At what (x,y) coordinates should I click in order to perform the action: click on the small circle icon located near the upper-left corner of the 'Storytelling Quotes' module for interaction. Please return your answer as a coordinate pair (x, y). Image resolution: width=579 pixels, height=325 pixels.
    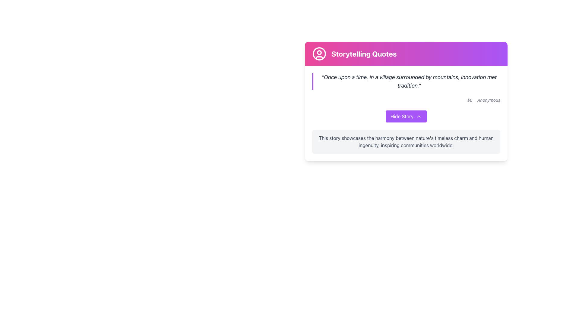
    Looking at the image, I should click on (319, 52).